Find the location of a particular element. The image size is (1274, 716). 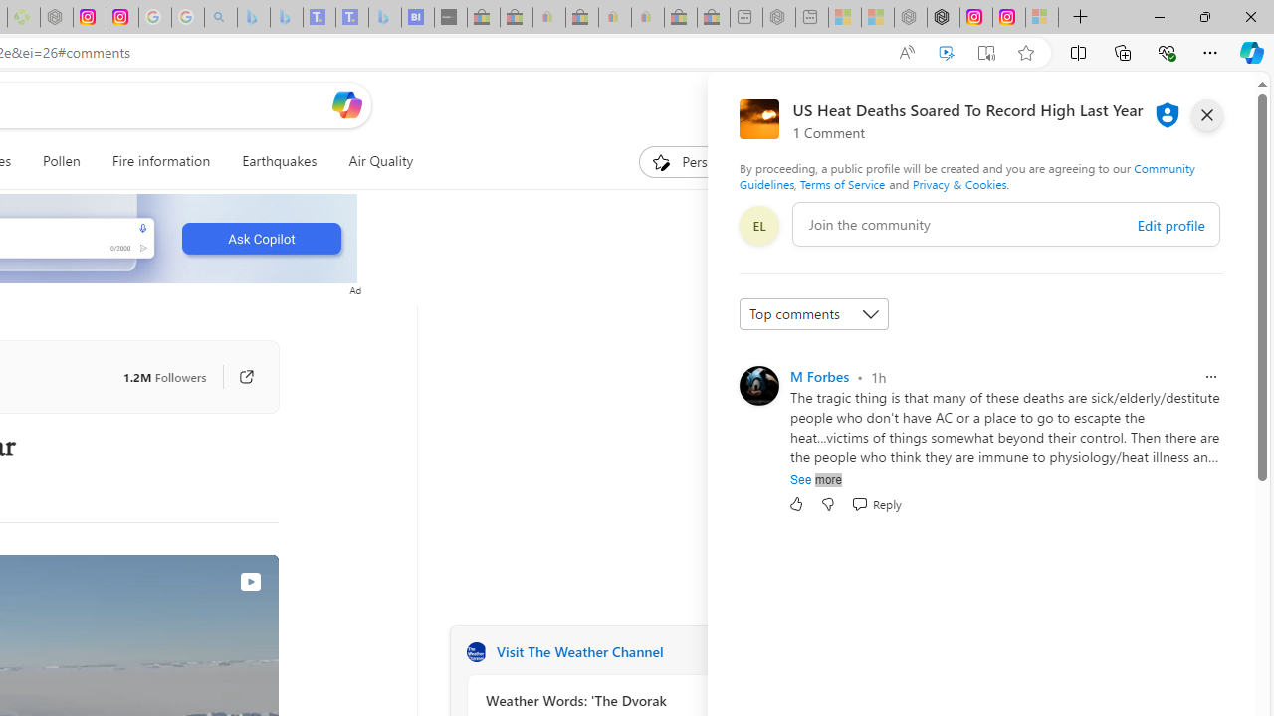

'Threats and offensive language policy | eBay - Sleeping' is located at coordinates (613, 17).